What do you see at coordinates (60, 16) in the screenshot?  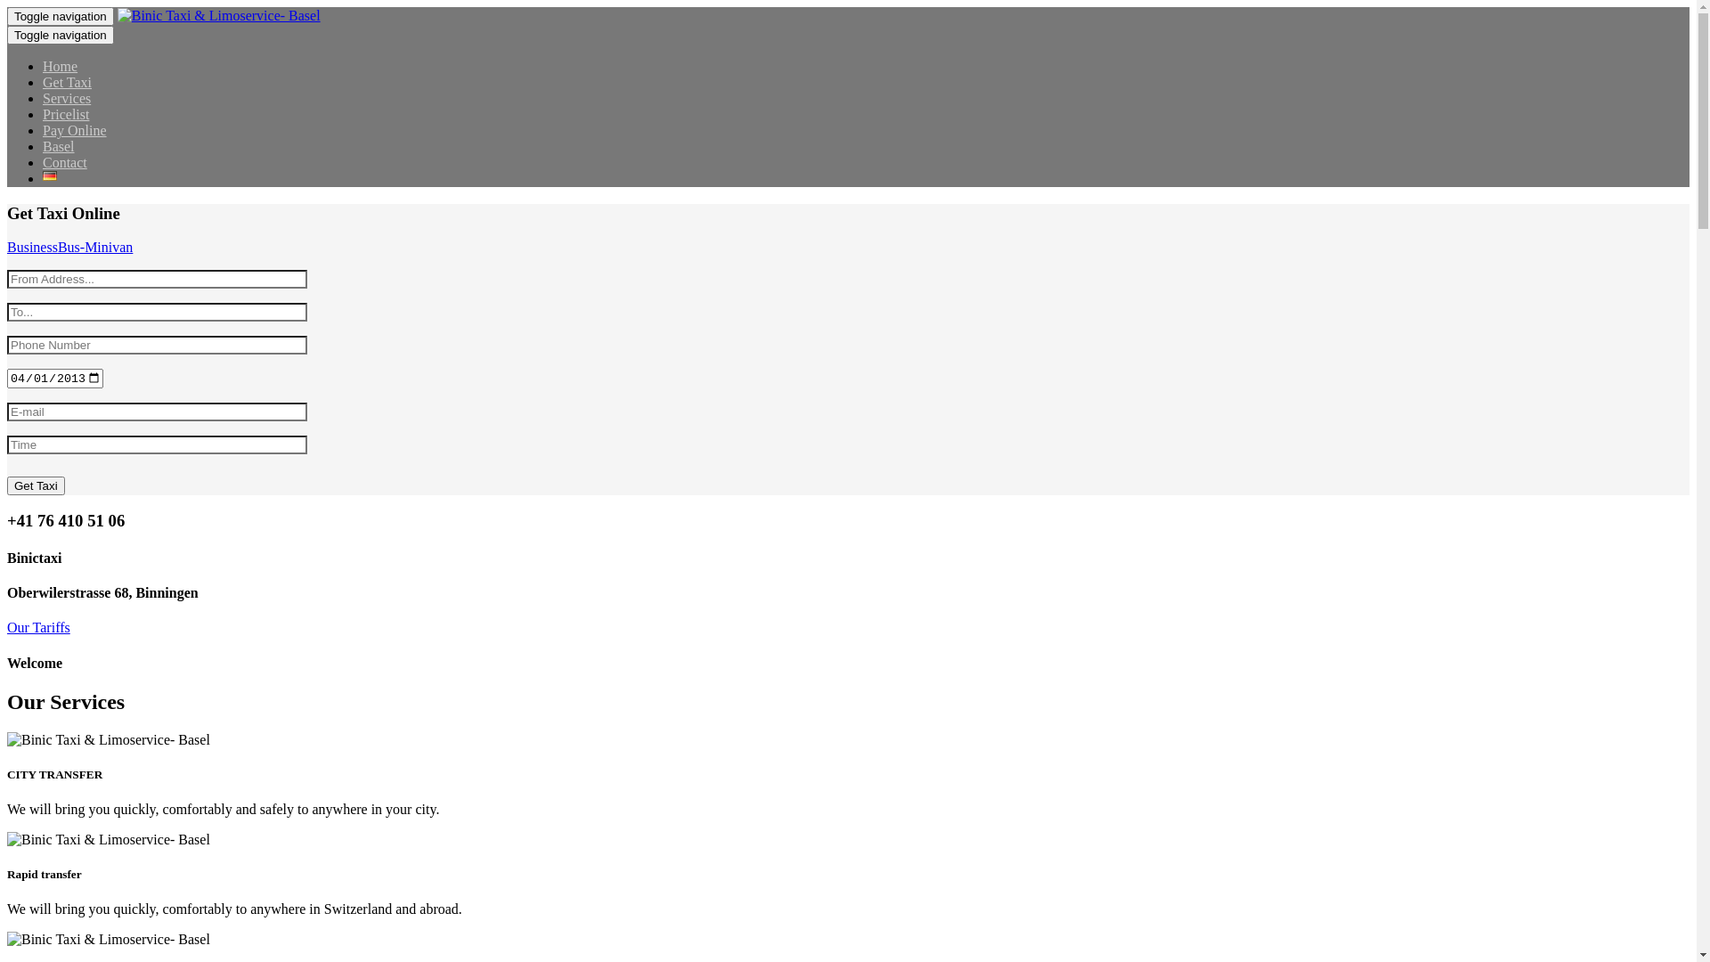 I see `'Toggle navigation'` at bounding box center [60, 16].